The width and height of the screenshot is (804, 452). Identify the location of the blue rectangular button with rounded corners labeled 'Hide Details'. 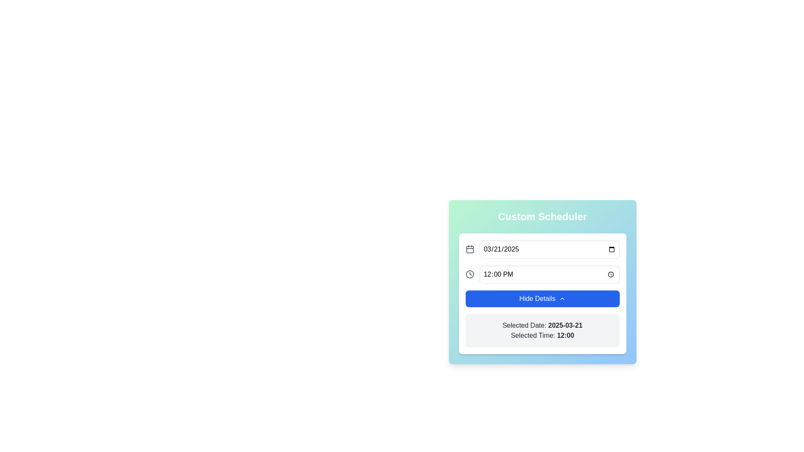
(542, 298).